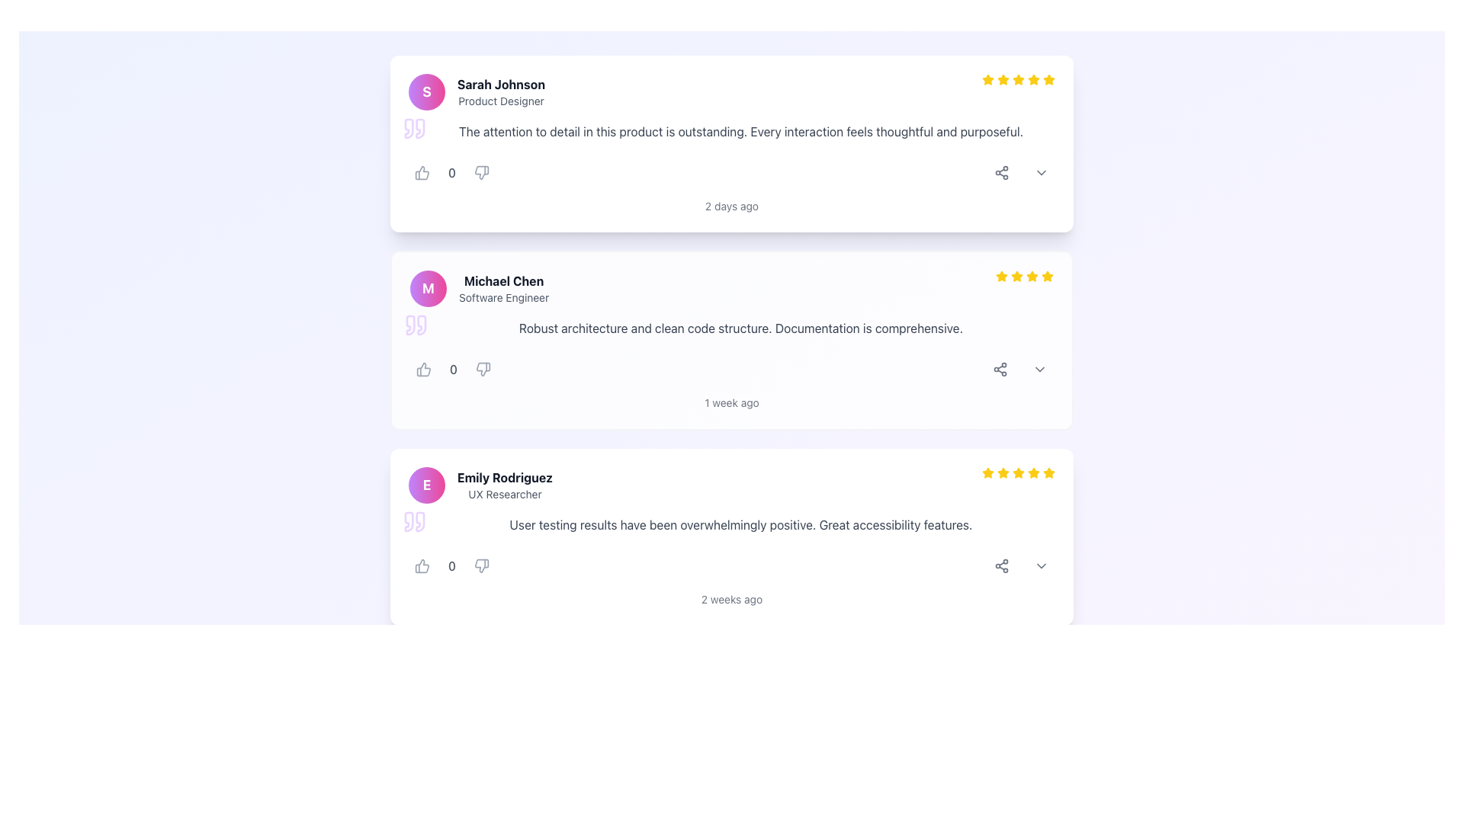 The height and width of the screenshot is (823, 1464). I want to click on the first yellow star icon to rate it, which is located to the right of the user's name and comment text, so click(1002, 276).